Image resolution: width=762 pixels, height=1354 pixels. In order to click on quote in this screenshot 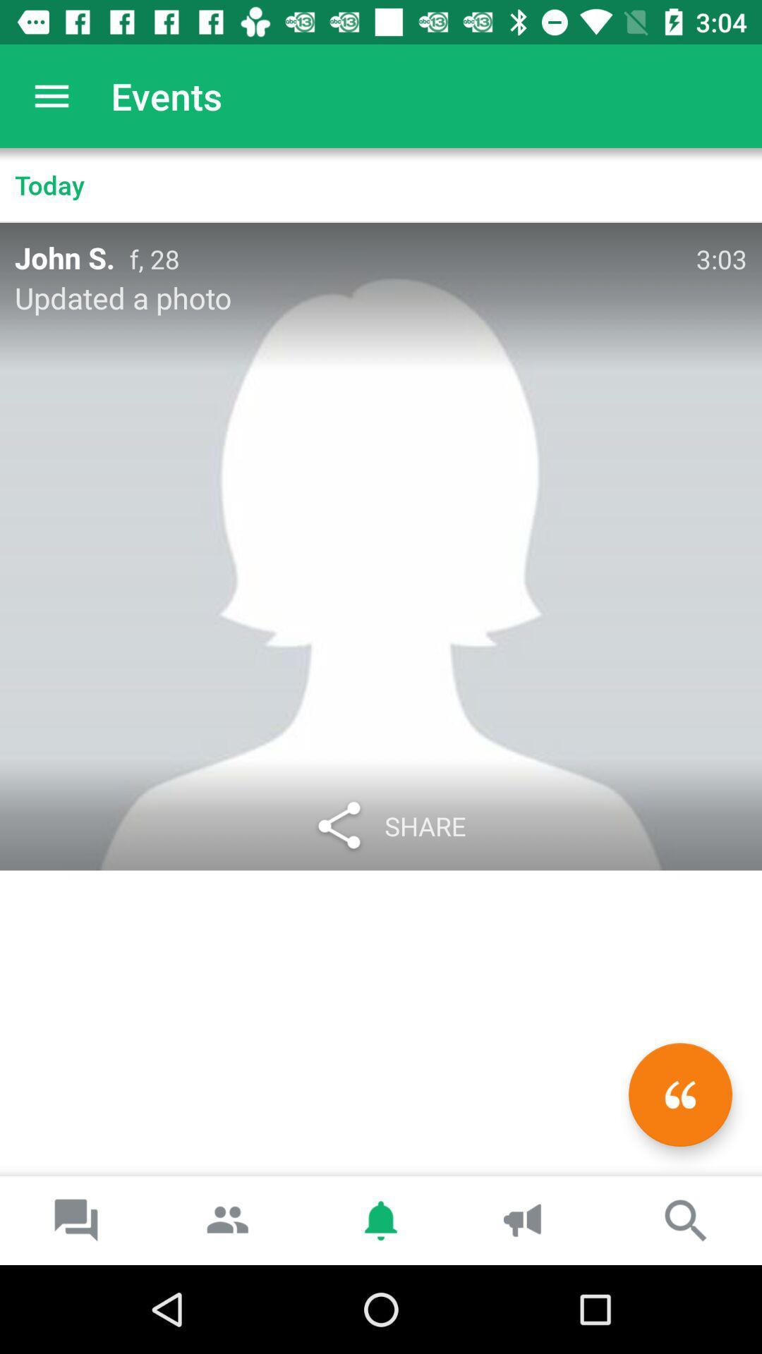, I will do `click(679, 1094)`.